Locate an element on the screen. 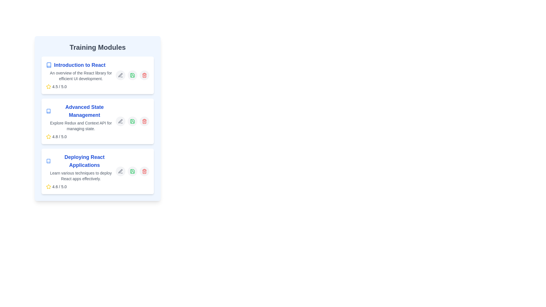 Image resolution: width=546 pixels, height=307 pixels. the delete icon button for the 'Deploying React Applications' module in the 'Training Modules' section is located at coordinates (144, 171).